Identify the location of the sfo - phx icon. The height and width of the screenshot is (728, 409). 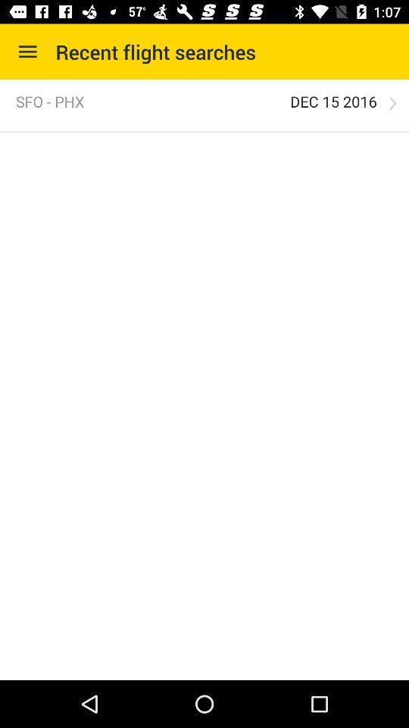
(50, 101).